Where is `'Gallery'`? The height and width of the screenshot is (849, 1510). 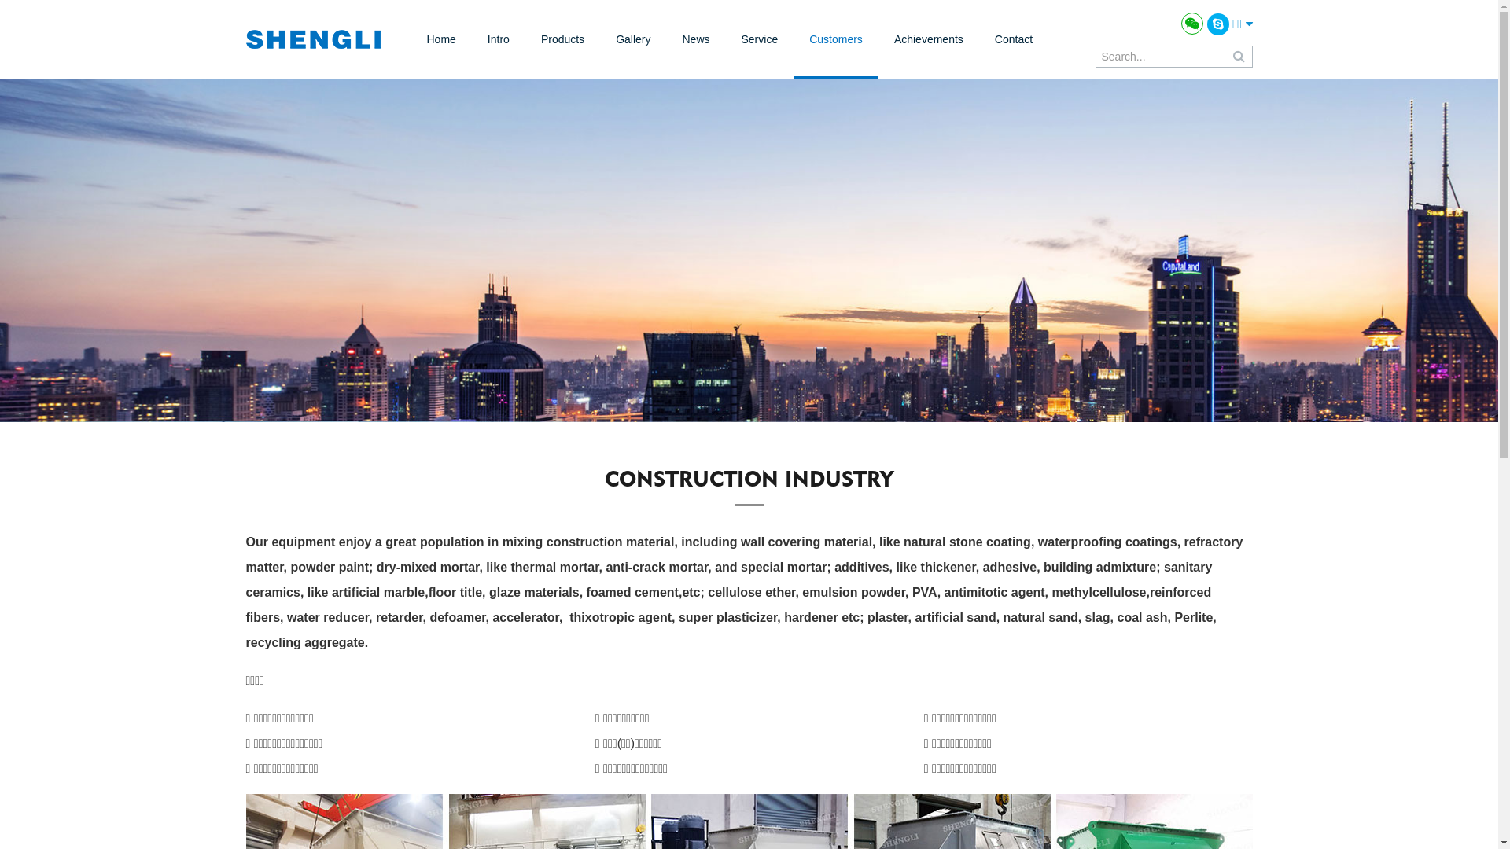
'Gallery' is located at coordinates (633, 39).